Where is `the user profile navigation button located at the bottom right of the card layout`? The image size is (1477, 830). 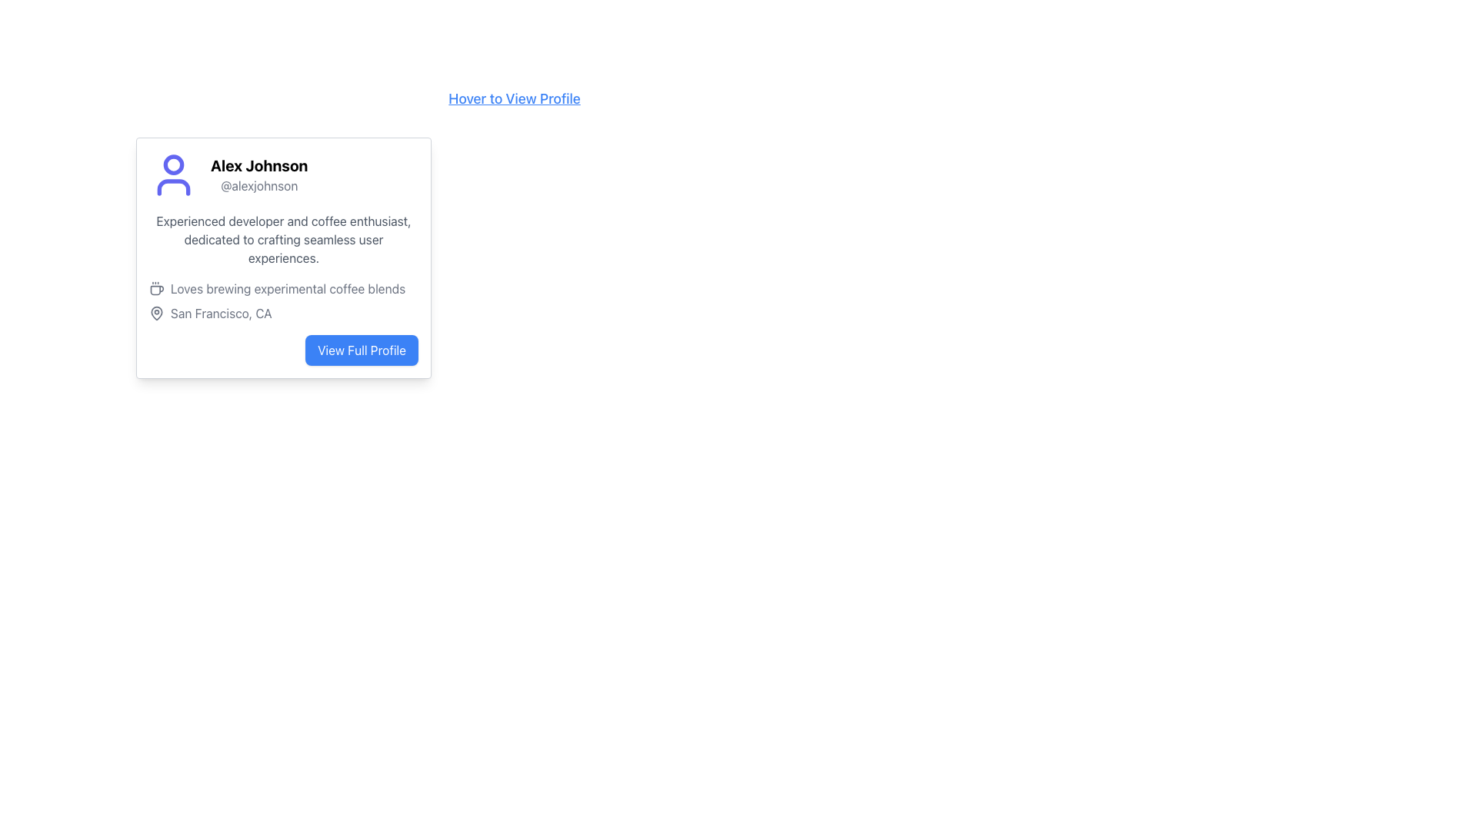 the user profile navigation button located at the bottom right of the card layout is located at coordinates (284, 350).